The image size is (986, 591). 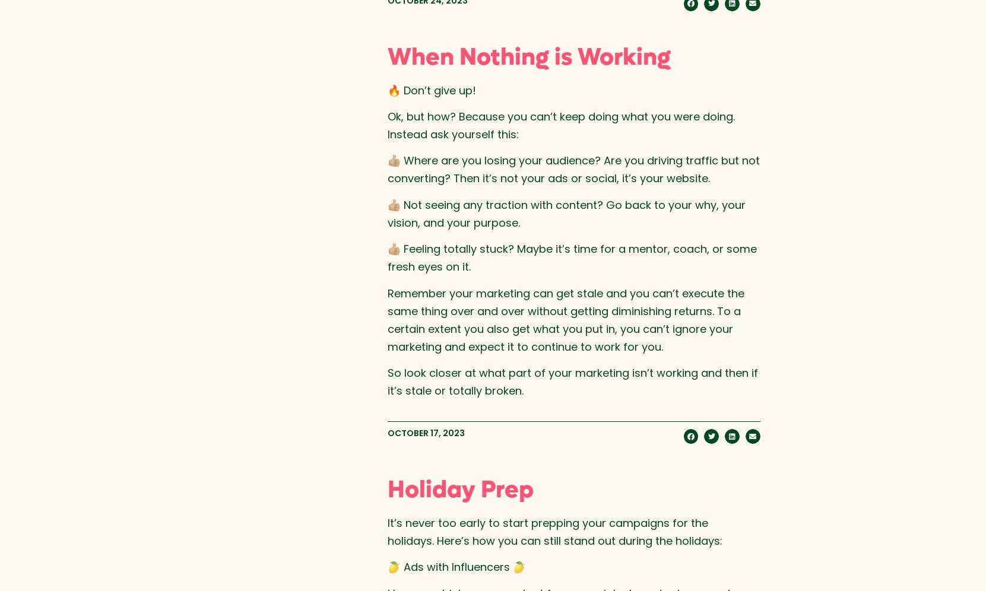 What do you see at coordinates (528, 56) in the screenshot?
I see `'When Nothing is Working'` at bounding box center [528, 56].